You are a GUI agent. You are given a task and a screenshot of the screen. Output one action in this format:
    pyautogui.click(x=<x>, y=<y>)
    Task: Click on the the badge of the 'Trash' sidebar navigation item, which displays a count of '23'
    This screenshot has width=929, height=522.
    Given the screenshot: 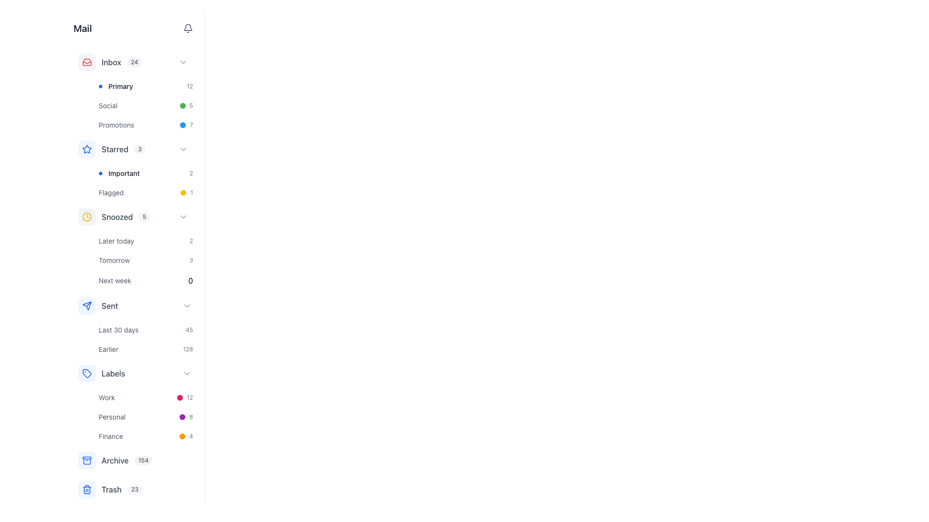 What is the action you would take?
    pyautogui.click(x=135, y=490)
    